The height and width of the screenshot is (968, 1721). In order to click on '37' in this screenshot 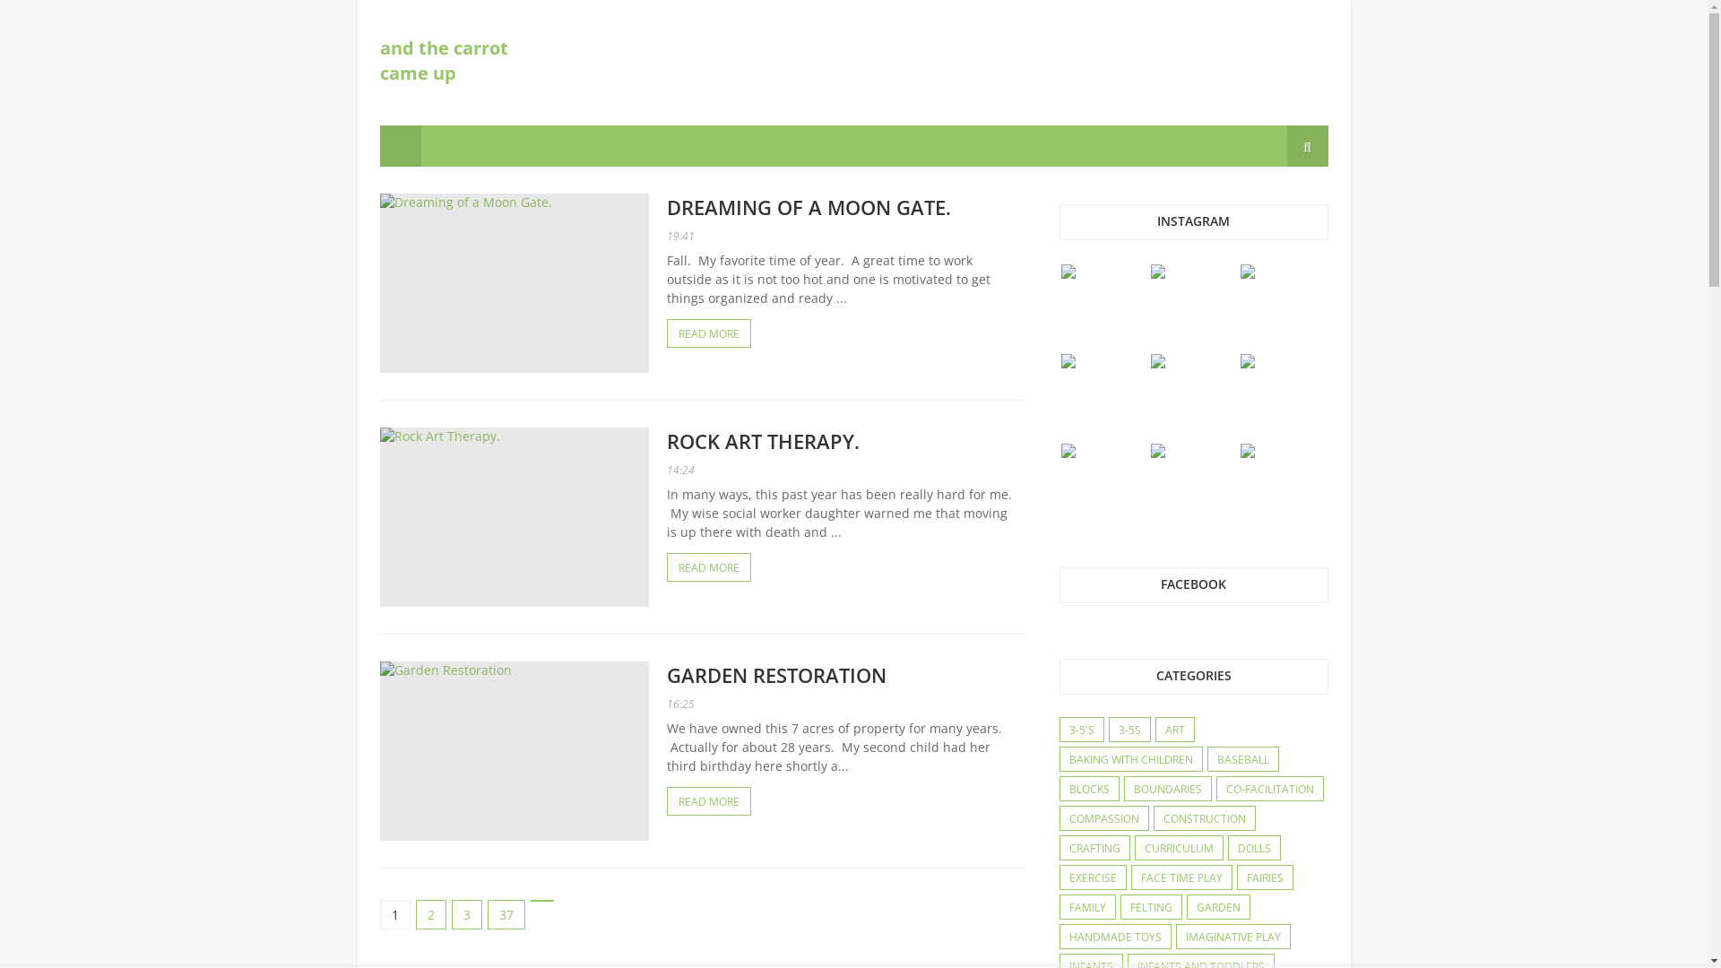, I will do `click(506, 914)`.